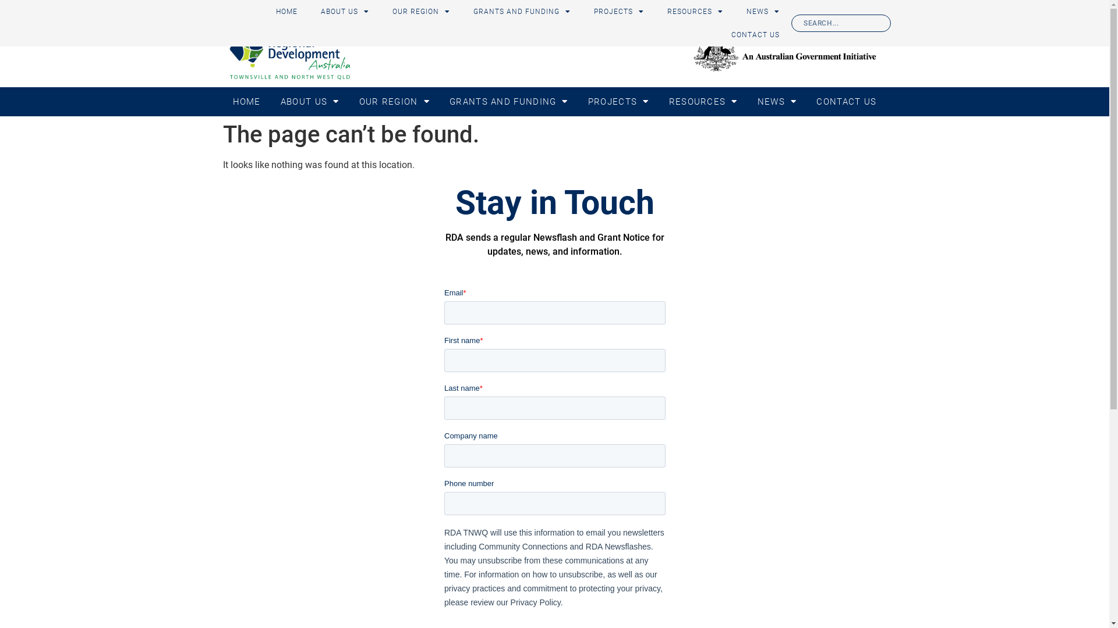 The height and width of the screenshot is (628, 1118). What do you see at coordinates (344, 11) in the screenshot?
I see `'ABOUT US'` at bounding box center [344, 11].